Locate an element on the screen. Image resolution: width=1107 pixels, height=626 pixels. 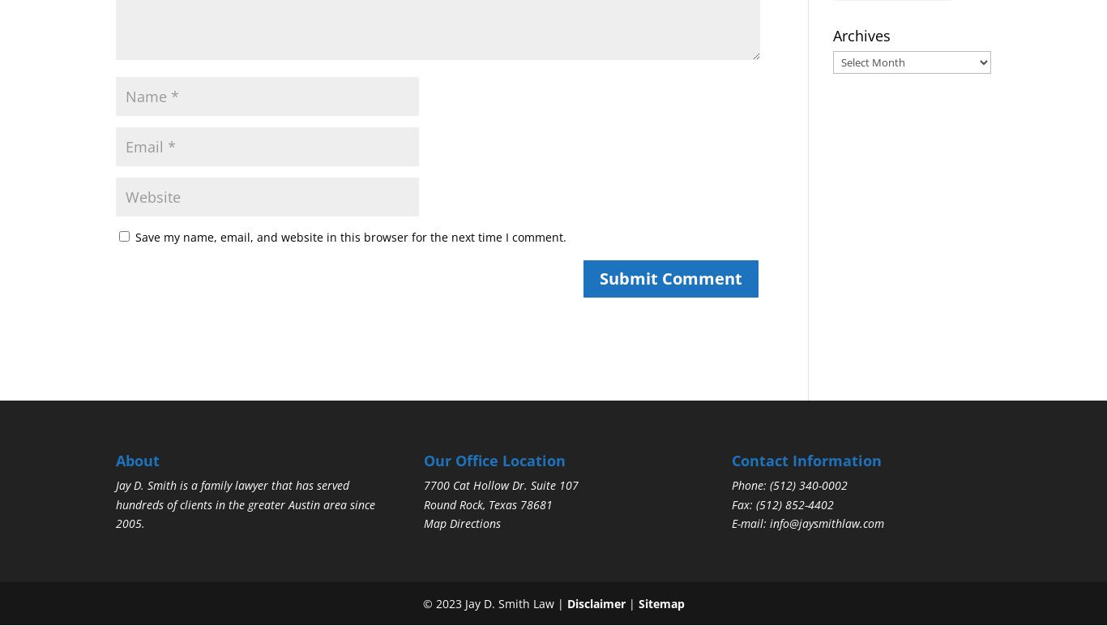
'Jay D. Smith is a family lawyer that has served hundreds of clients in the greater Austin area since 2005.' is located at coordinates (245, 503).